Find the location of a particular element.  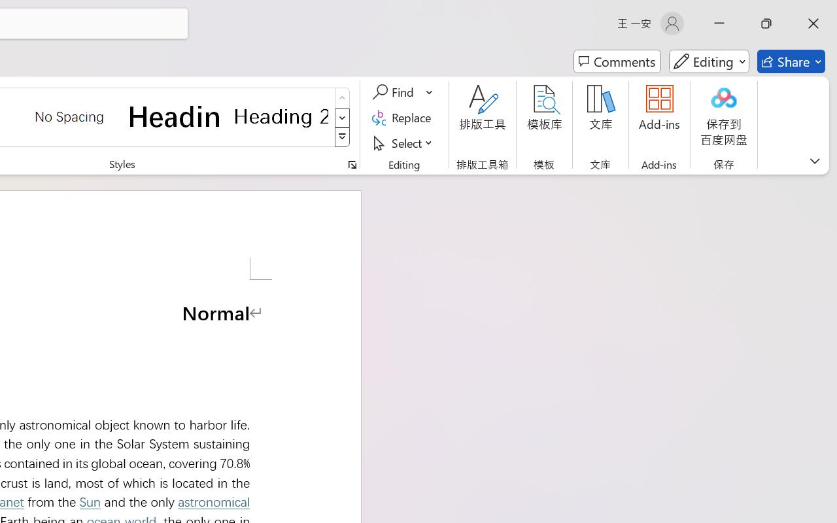

'Styles...' is located at coordinates (352, 164).